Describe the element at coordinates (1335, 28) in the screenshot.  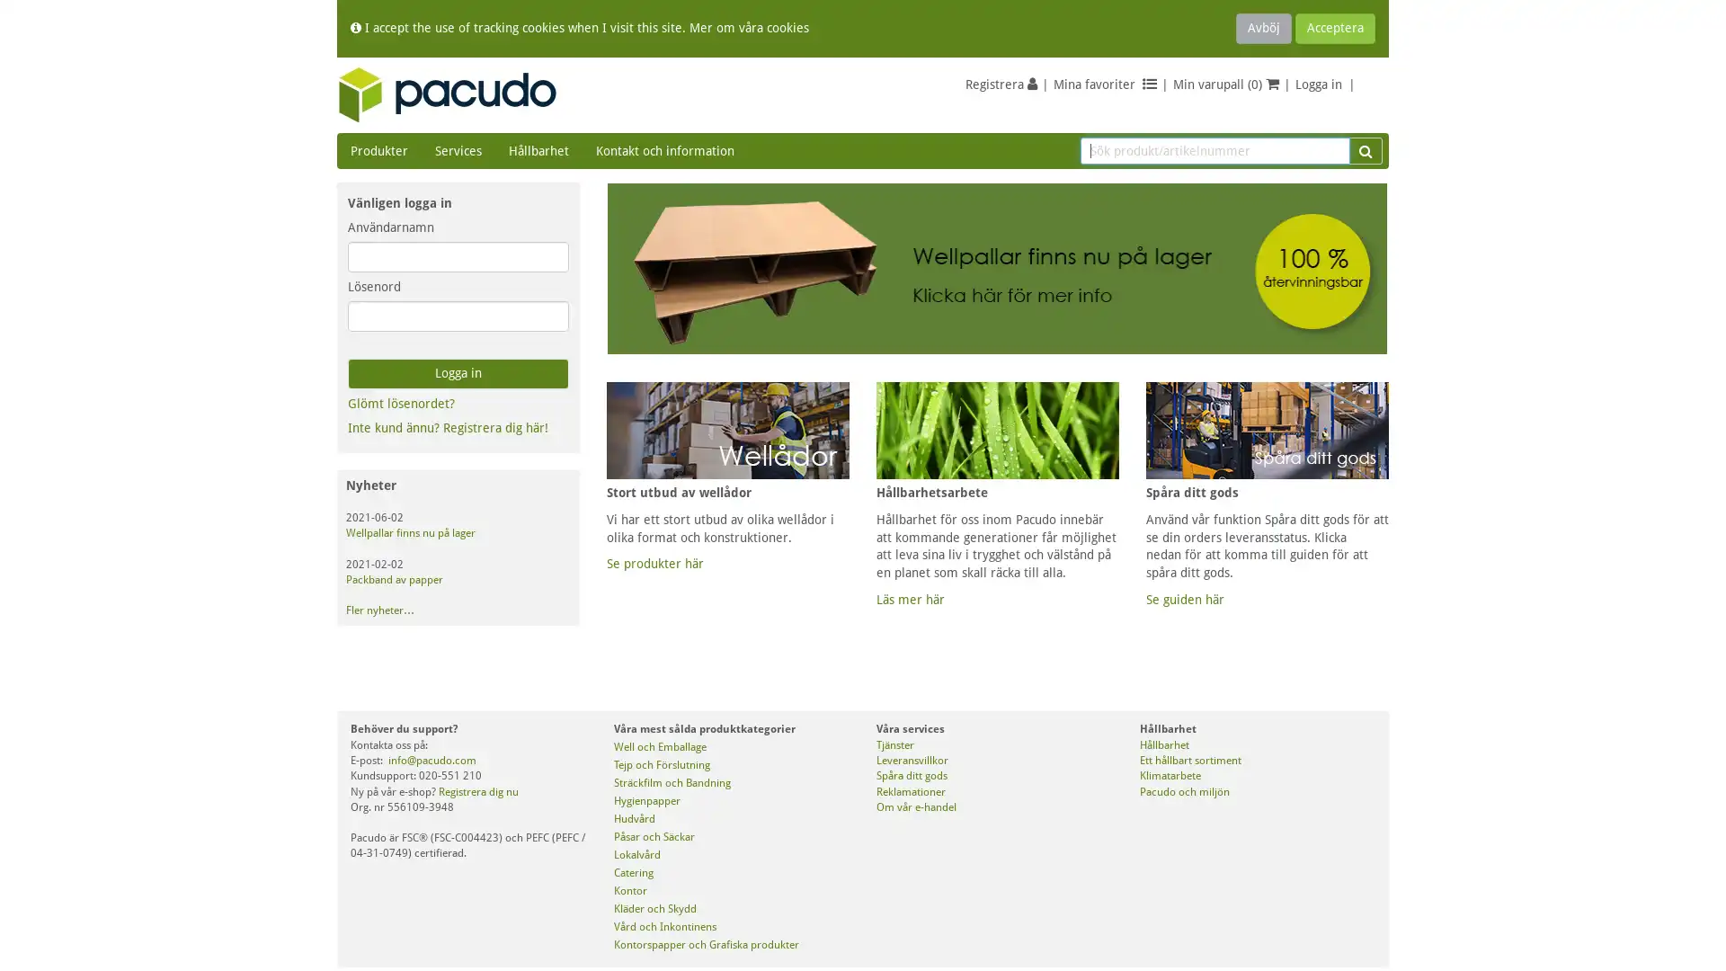
I see `Acceptera` at that location.